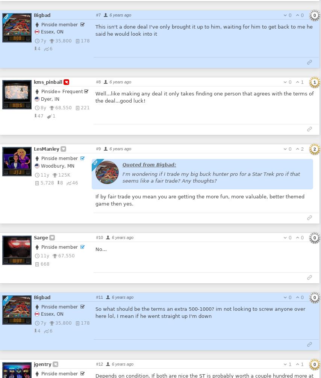 This screenshot has width=321, height=378. I want to click on 'I'm wondering if I trade my big buck hunter pro for a Star Trek pro if that seems like a fair trade? Any thoughts?', so click(210, 177).